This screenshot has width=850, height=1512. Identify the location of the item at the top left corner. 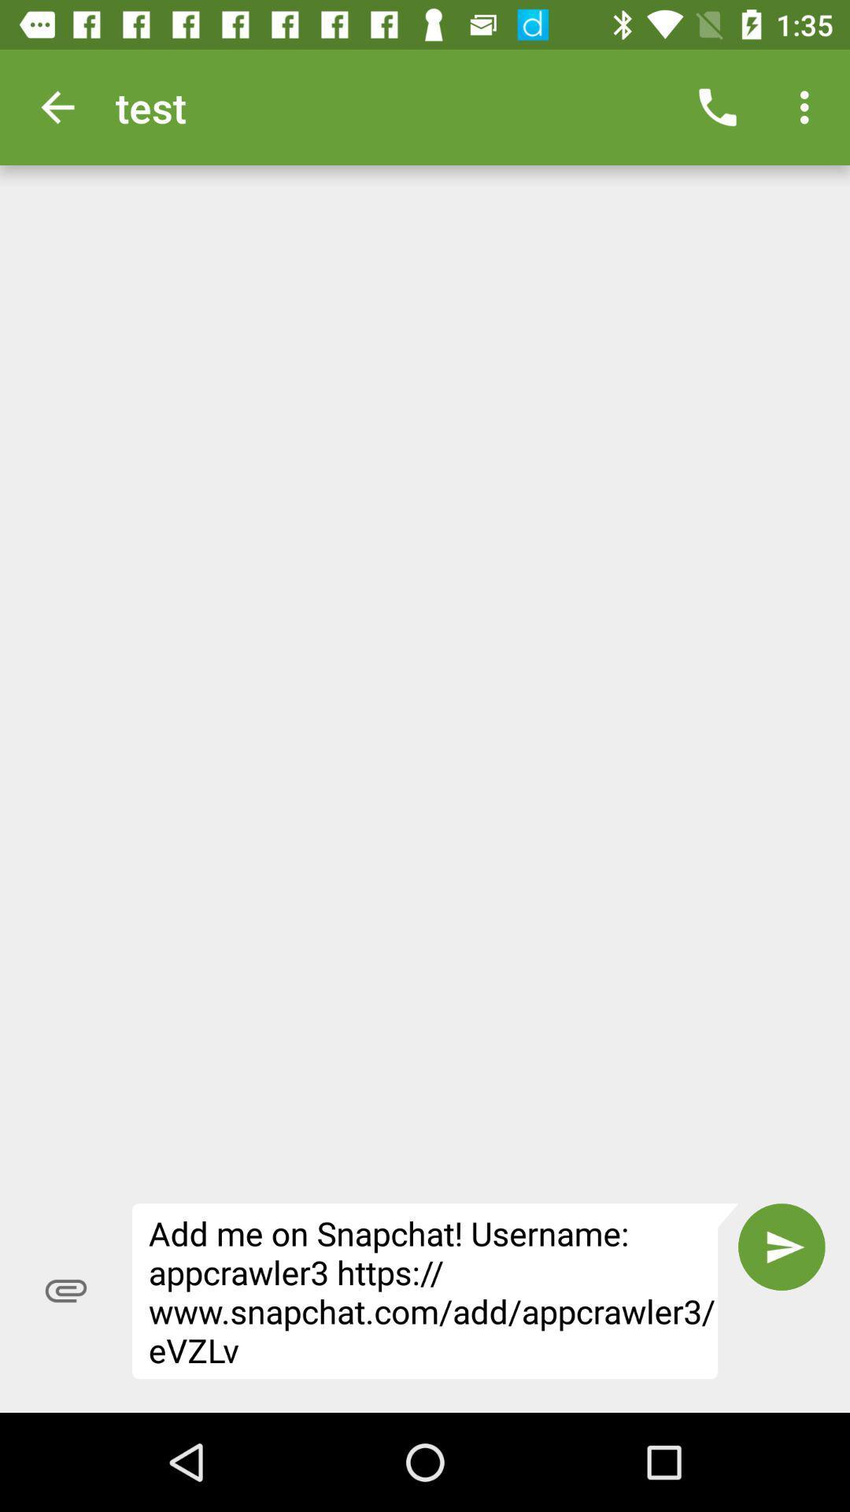
(57, 106).